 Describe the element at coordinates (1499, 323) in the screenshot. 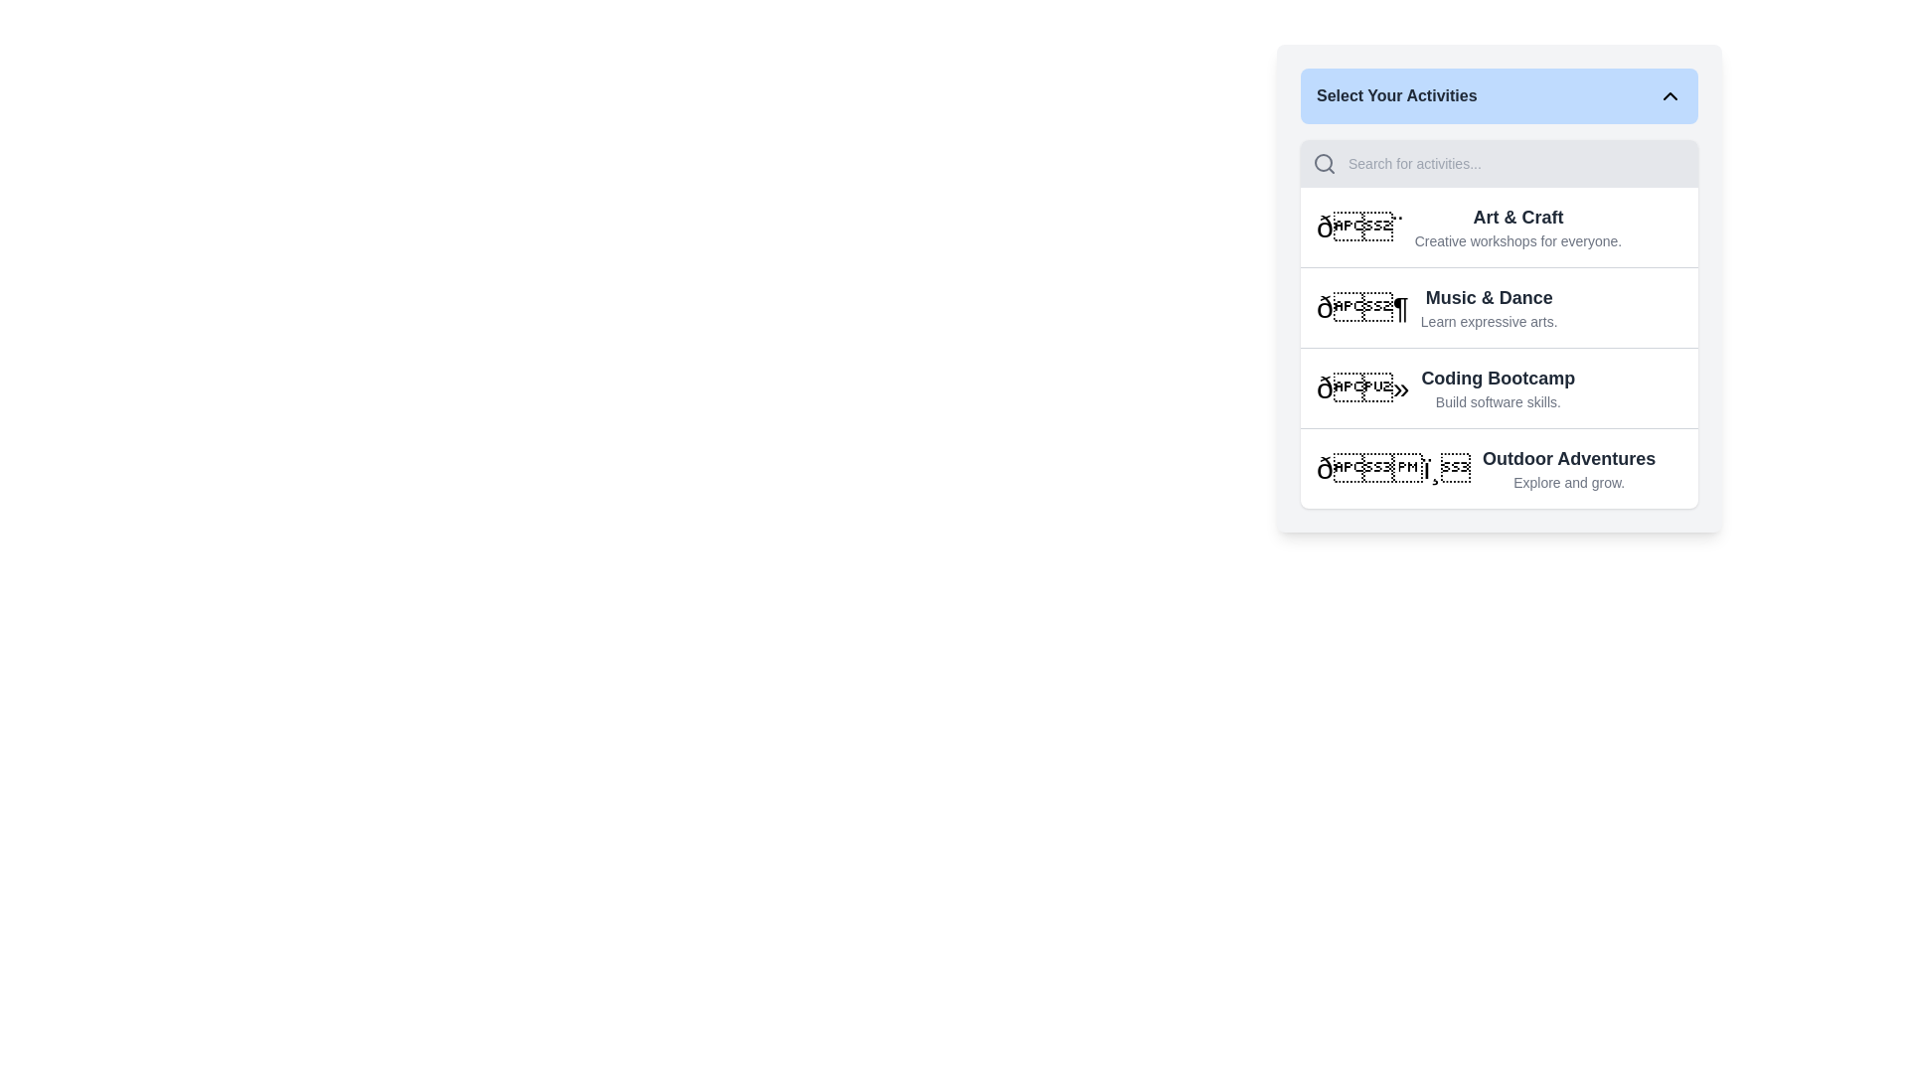

I see `the list or menu that allows users` at that location.